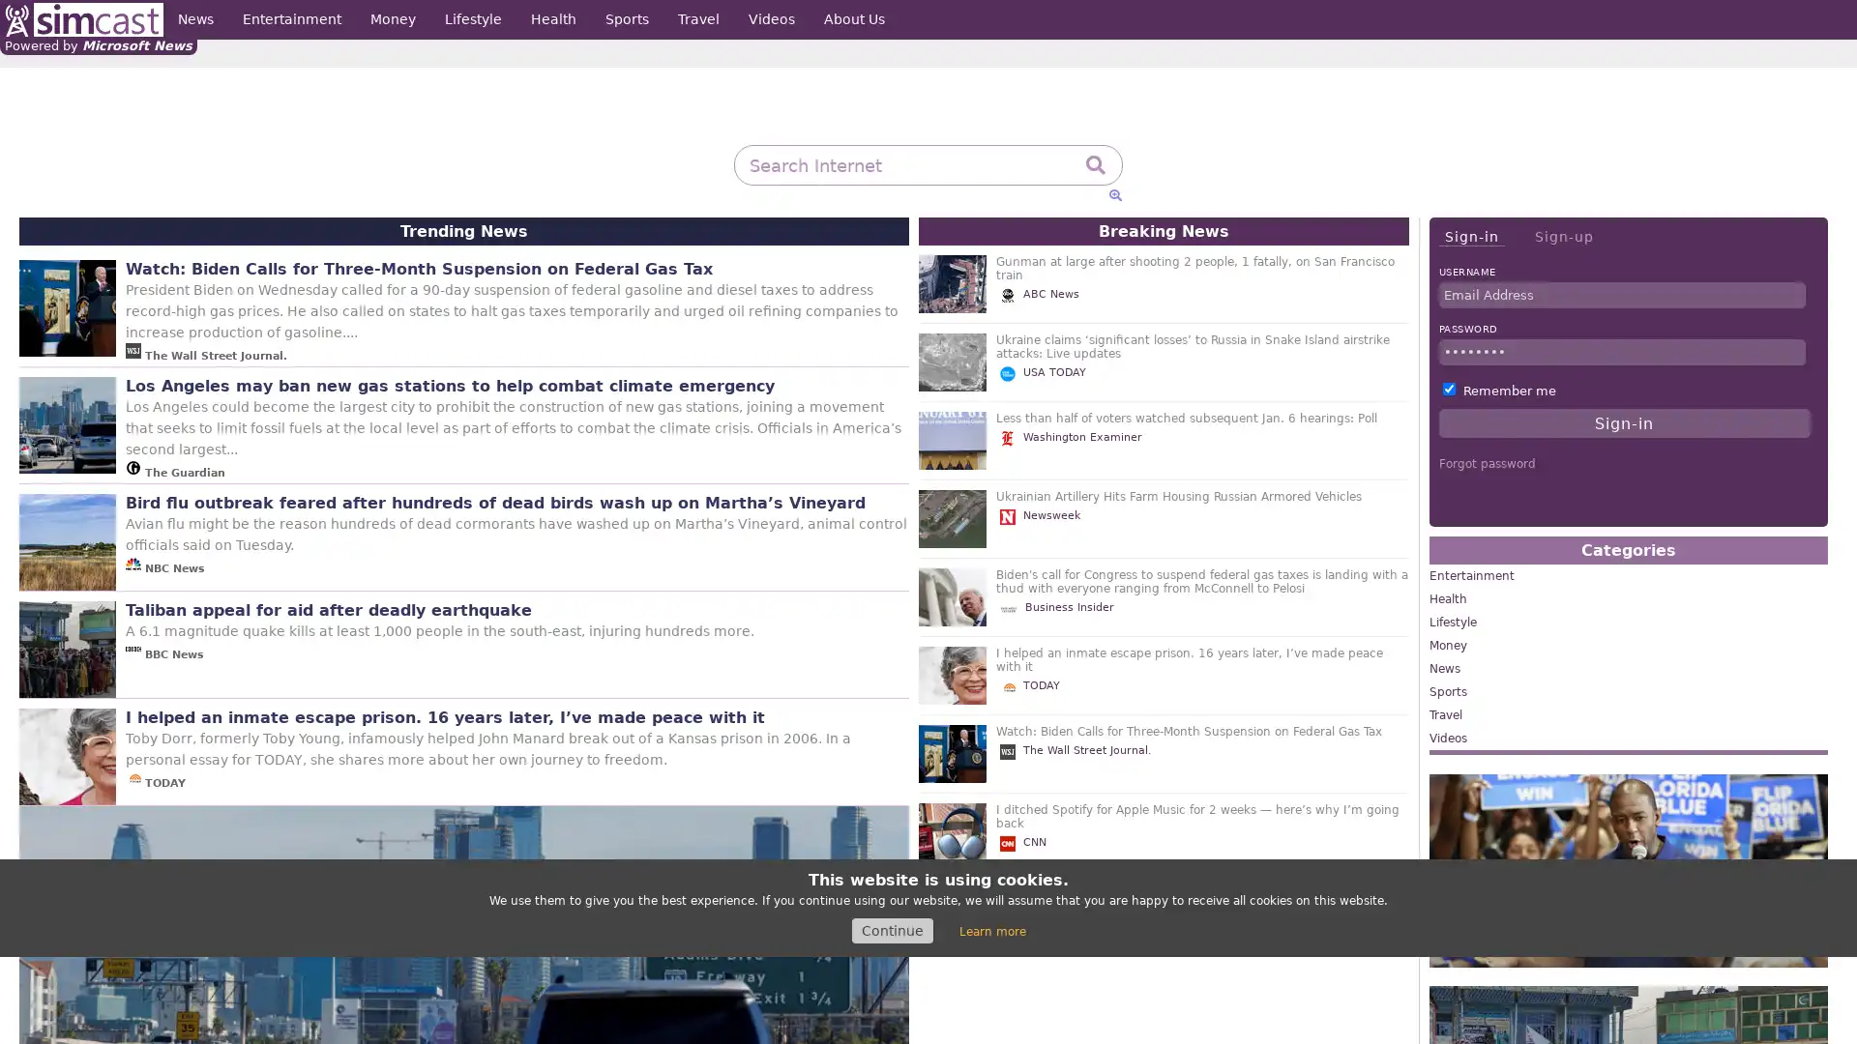 This screenshot has height=1044, width=1857. I want to click on Sign-up, so click(1563, 236).